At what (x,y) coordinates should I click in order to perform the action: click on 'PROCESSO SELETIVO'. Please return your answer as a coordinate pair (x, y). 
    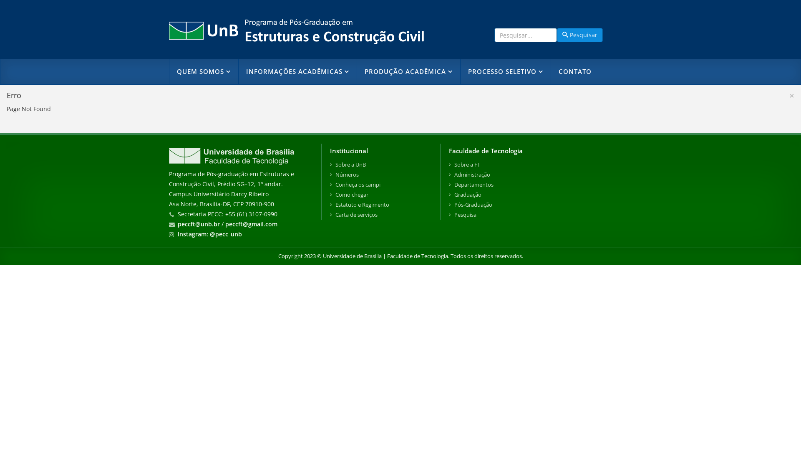
    Looking at the image, I should click on (505, 71).